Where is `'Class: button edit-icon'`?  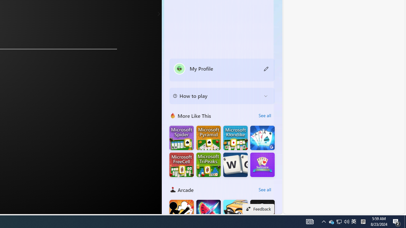 'Class: button edit-icon' is located at coordinates (266, 68).